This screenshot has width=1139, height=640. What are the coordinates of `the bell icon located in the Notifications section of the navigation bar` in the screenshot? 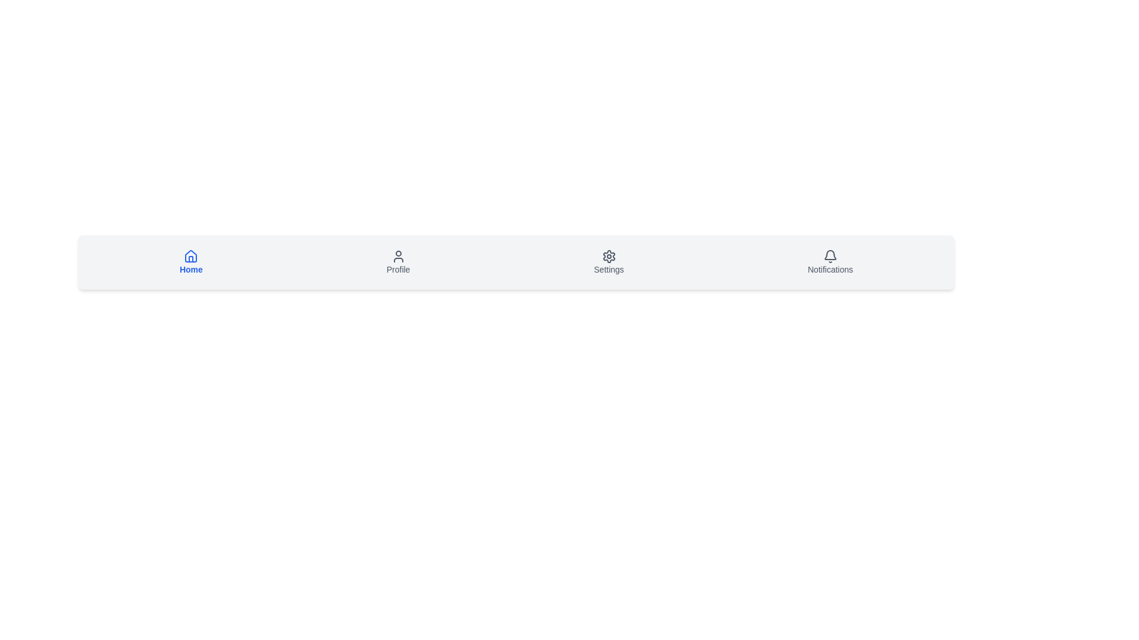 It's located at (829, 255).